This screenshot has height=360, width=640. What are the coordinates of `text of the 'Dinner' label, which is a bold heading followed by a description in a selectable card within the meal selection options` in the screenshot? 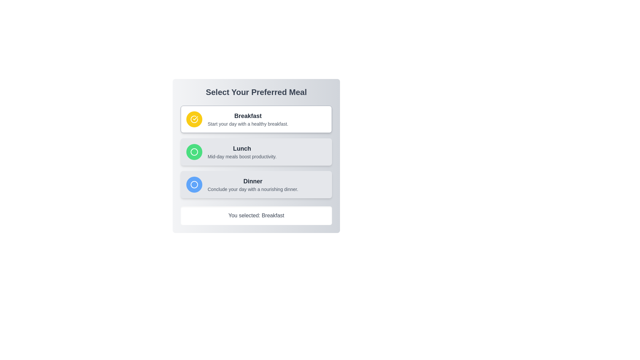 It's located at (252, 185).